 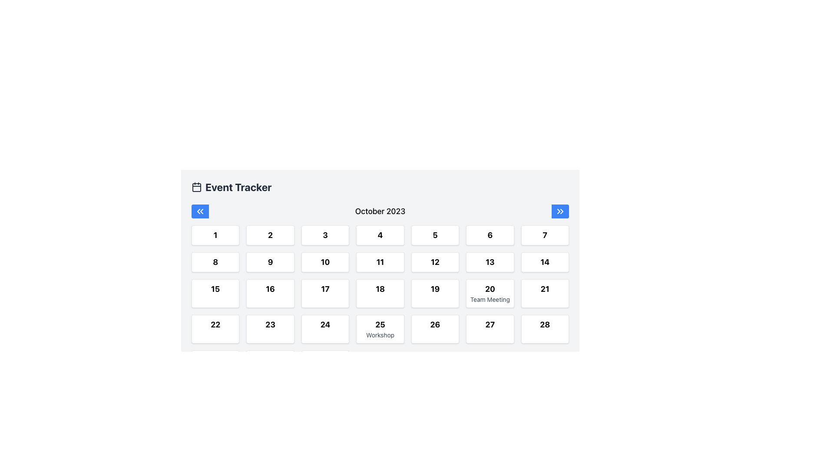 I want to click on the square button-like component with the bold number '2' in black, which is part of the calendar interface in the Event Tracker for October 2023, so click(x=270, y=235).